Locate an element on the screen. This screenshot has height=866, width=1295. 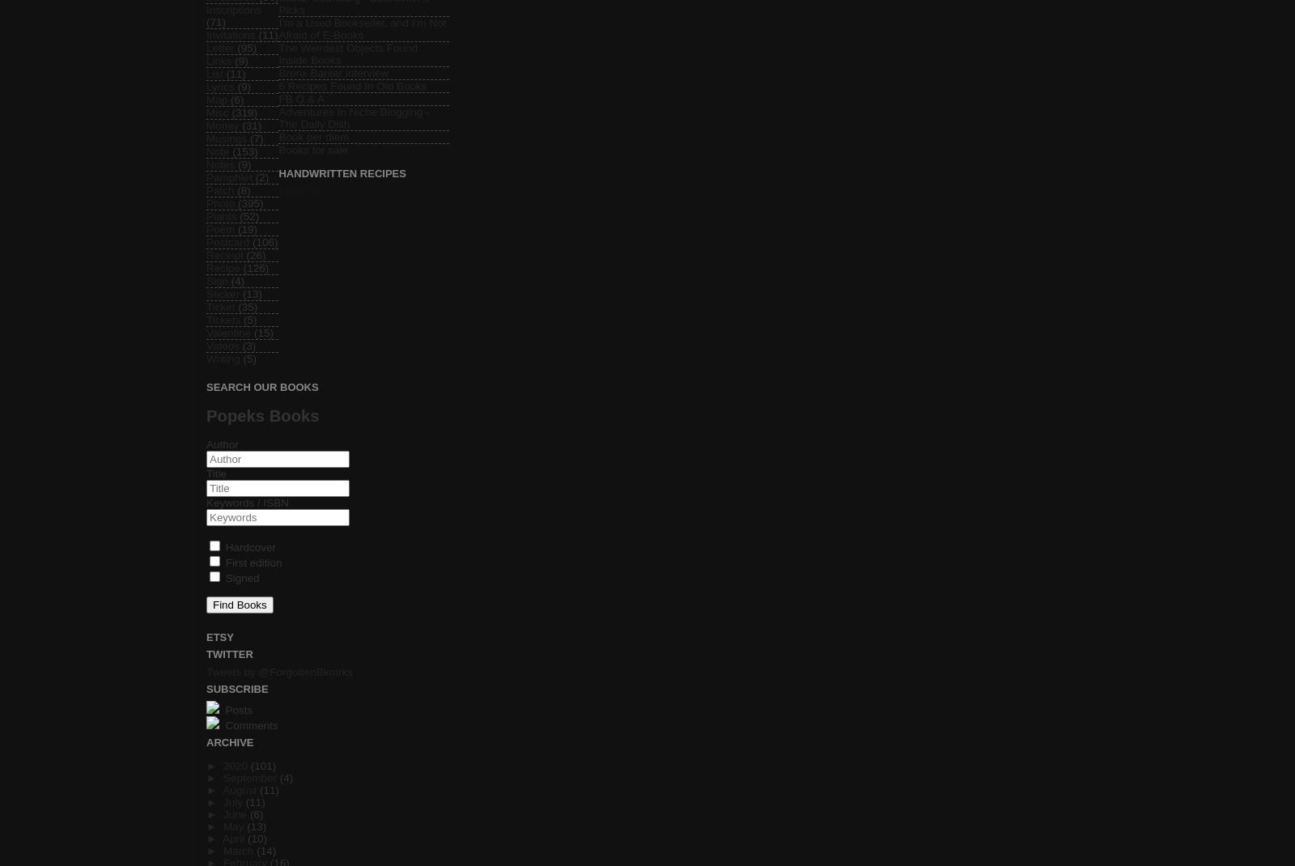
'(26)' is located at coordinates (256, 254).